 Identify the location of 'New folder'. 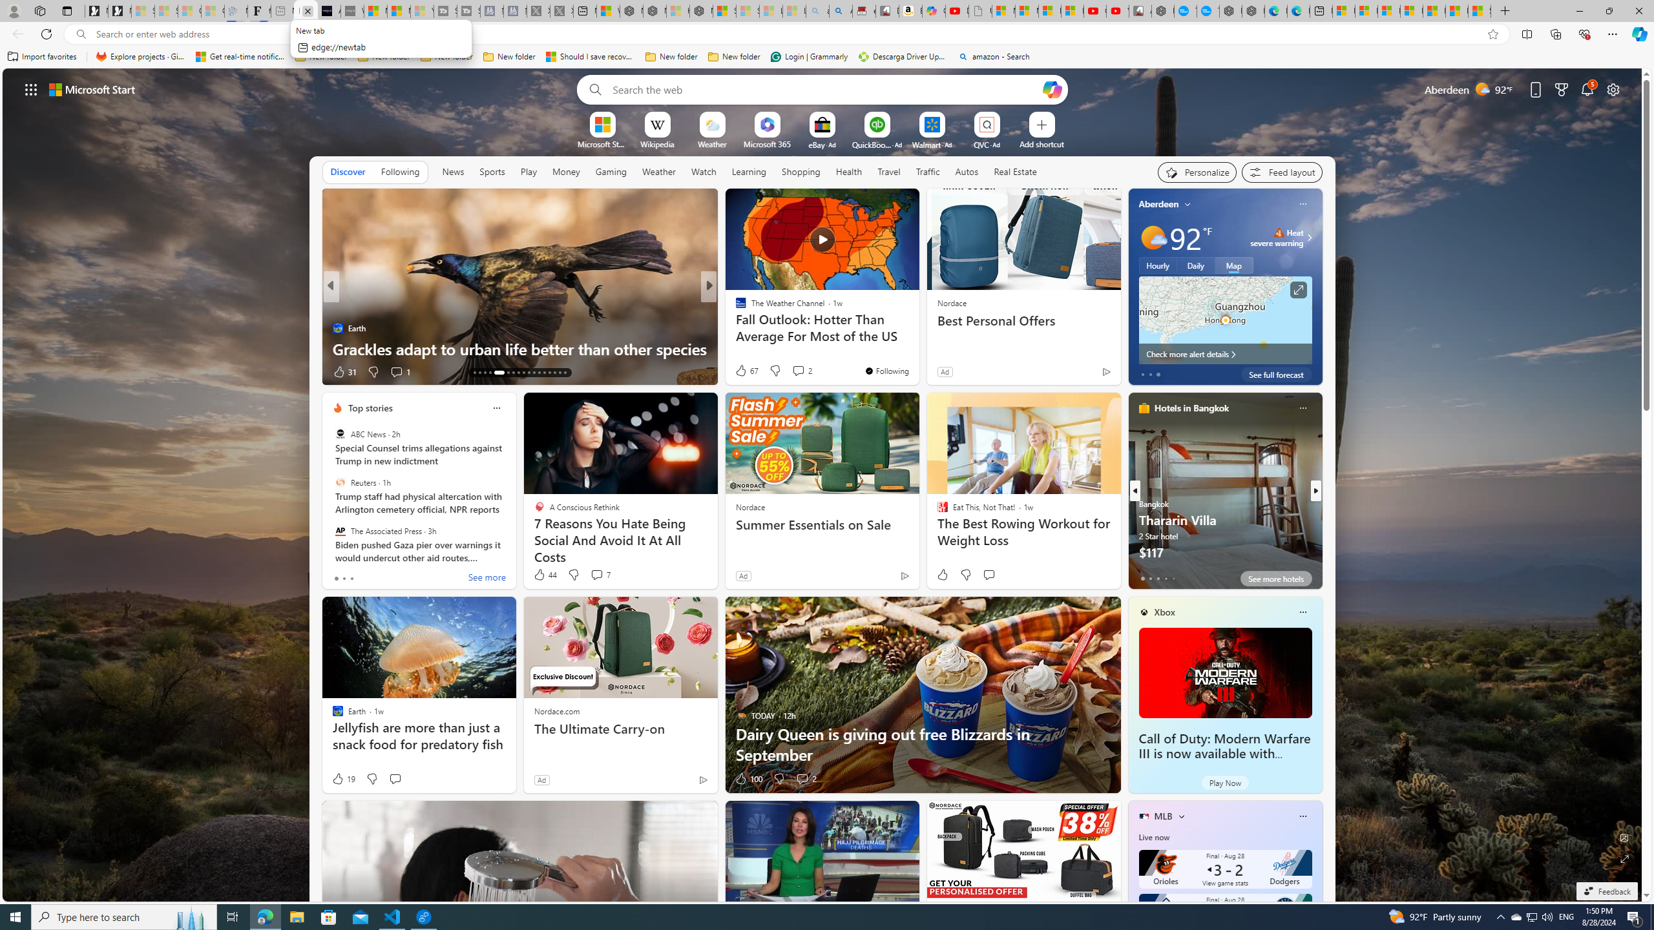
(734, 56).